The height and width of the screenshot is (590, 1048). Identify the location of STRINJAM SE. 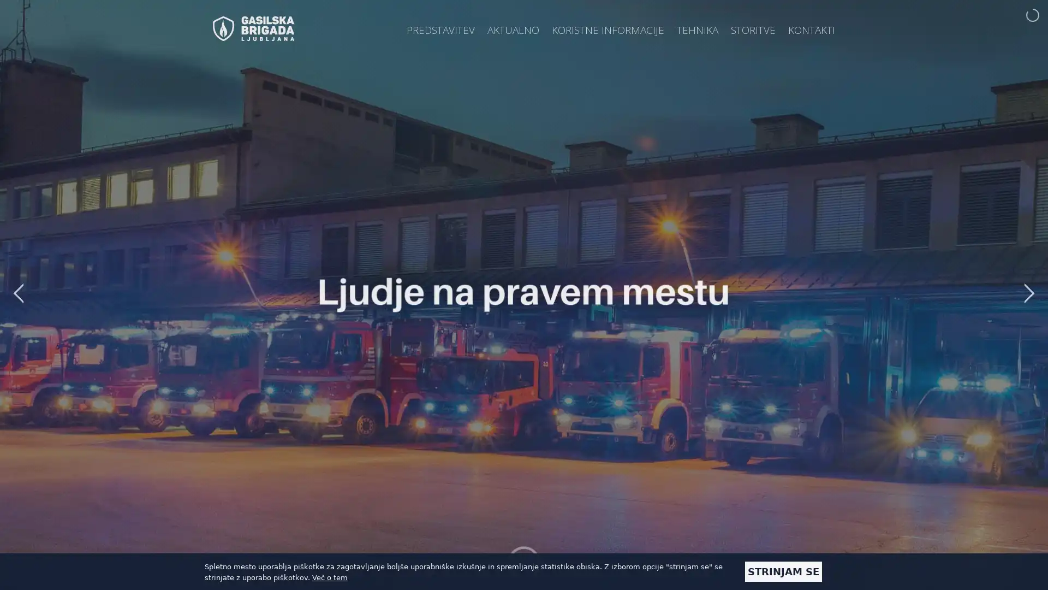
(782, 570).